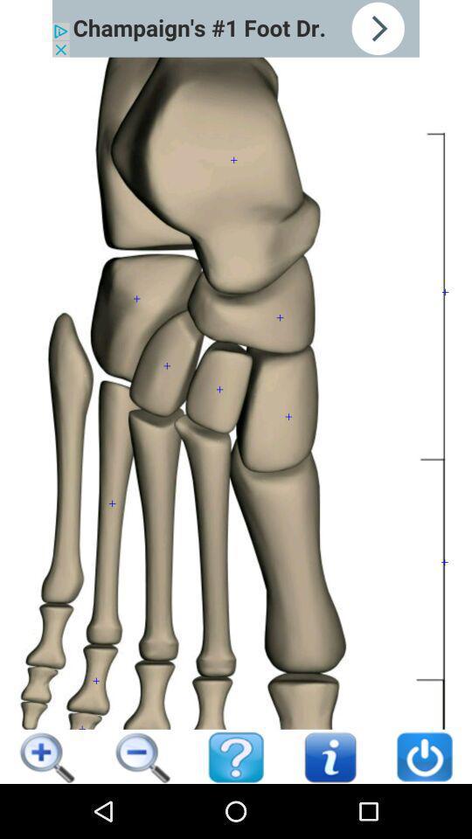 This screenshot has width=472, height=839. Describe the element at coordinates (141, 745) in the screenshot. I see `the pause icon` at that location.